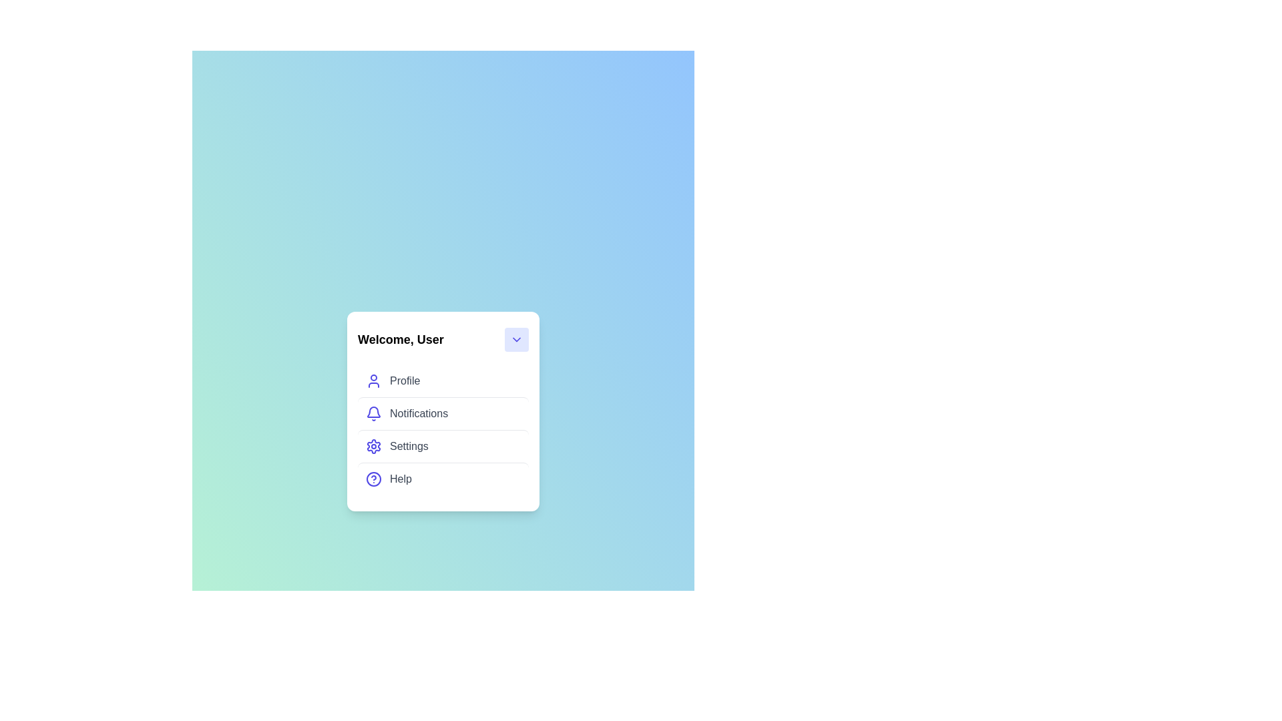 This screenshot has height=721, width=1282. Describe the element at coordinates (443, 381) in the screenshot. I see `the menu item Profile from the UserProfileMenu` at that location.